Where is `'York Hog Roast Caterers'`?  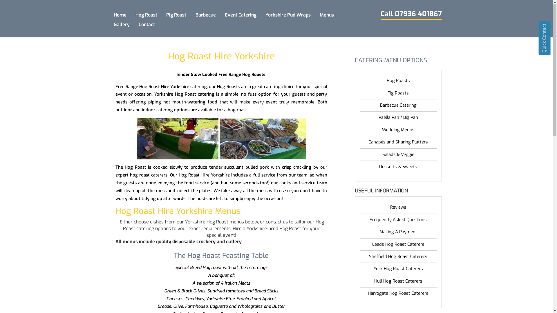 'York Hog Roast Caterers' is located at coordinates (398, 269).